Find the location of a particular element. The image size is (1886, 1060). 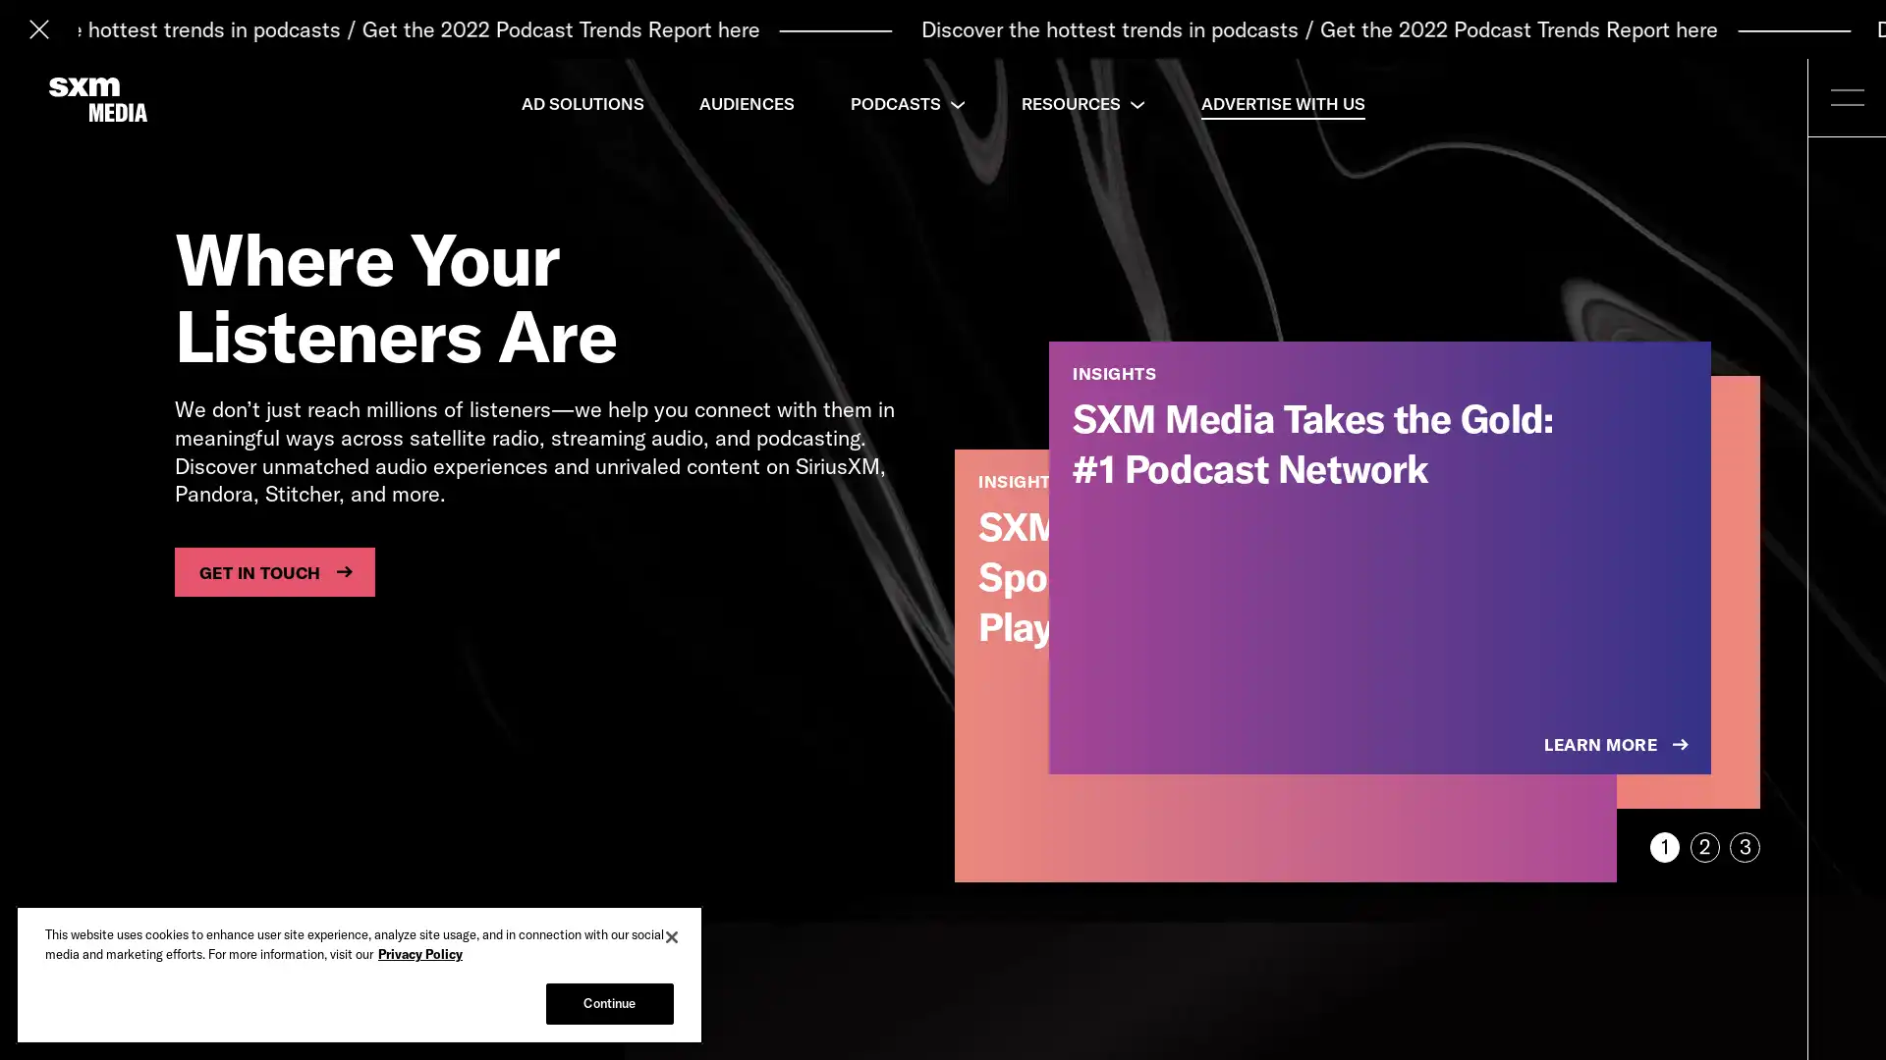

GET IN TOUCH is located at coordinates (273, 571).